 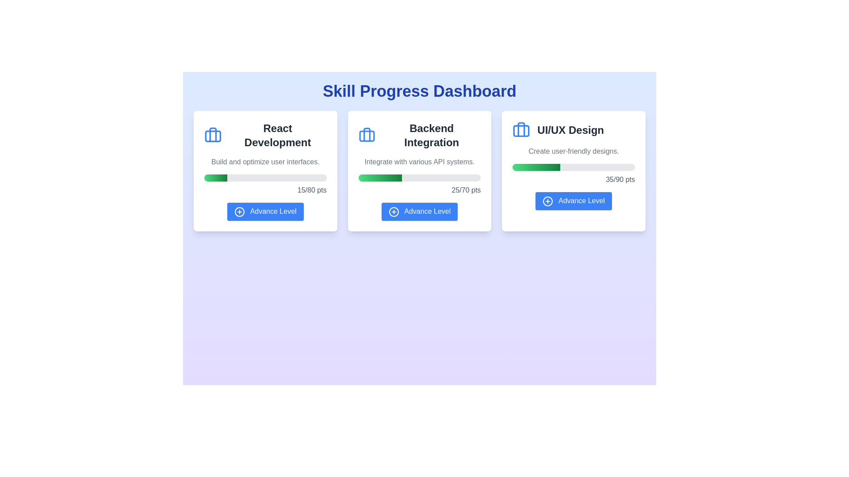 What do you see at coordinates (521, 131) in the screenshot?
I see `the visual representation of the SVG rectangle that forms the body of the briefcase icon, located centrally within the briefcase graphic on the third card in the row of the UI/UX Design card` at bounding box center [521, 131].